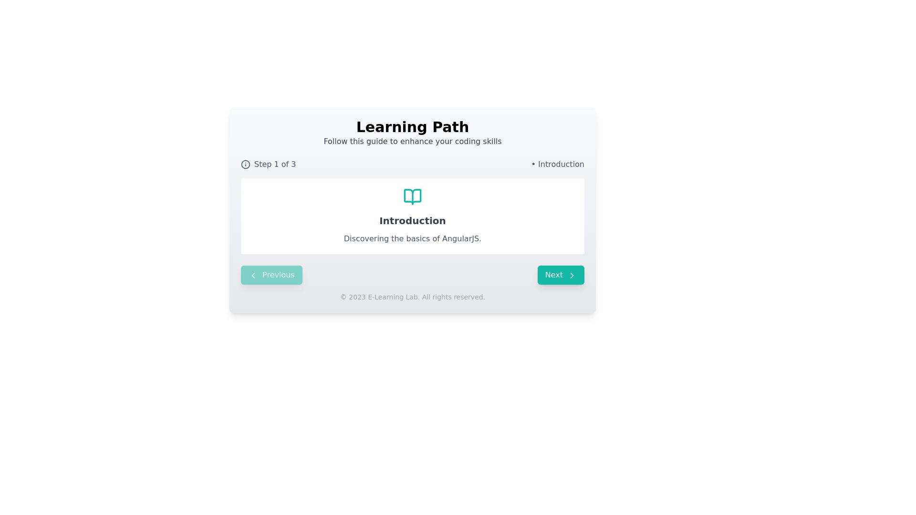 The width and height of the screenshot is (916, 515). I want to click on the leftward arrow icon within the 'Previous' button located in the bottom-left section of the interface, so click(253, 275).